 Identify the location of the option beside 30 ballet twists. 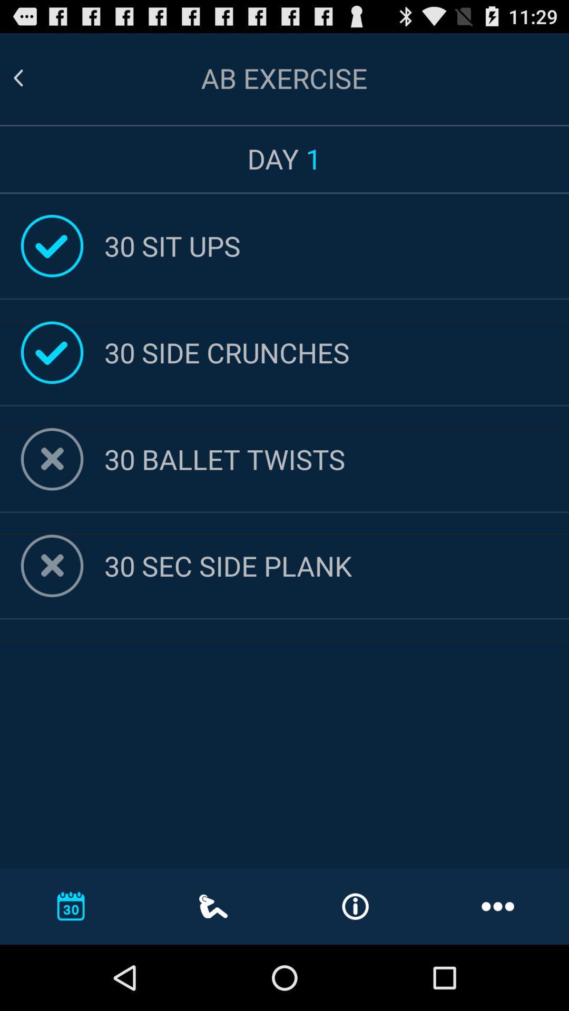
(52, 459).